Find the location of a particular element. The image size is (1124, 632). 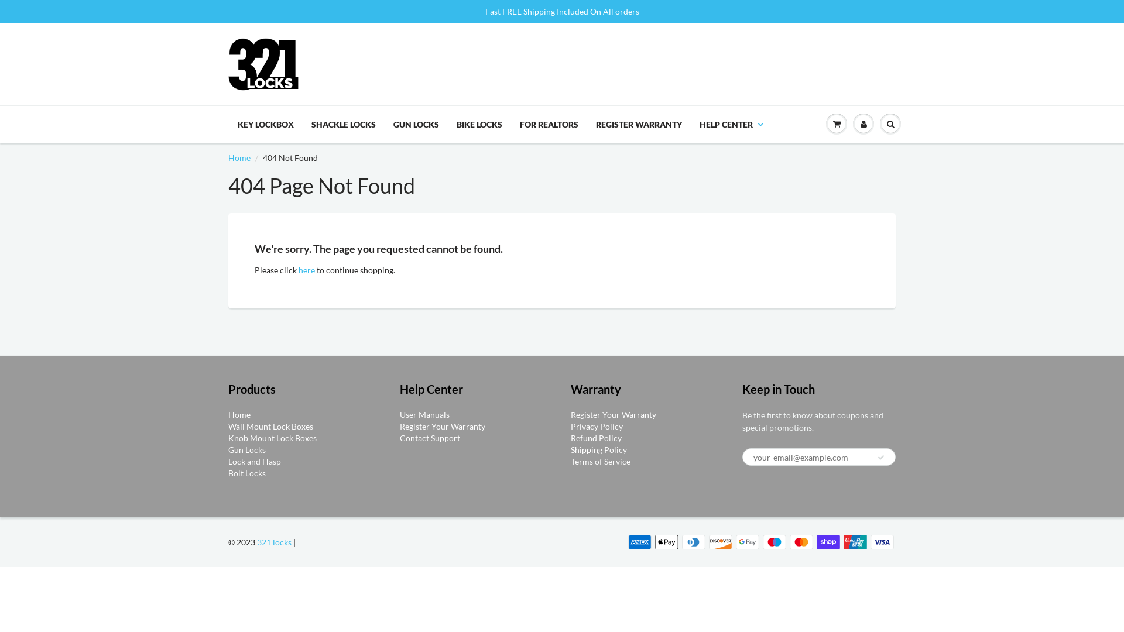

'User Manuals' is located at coordinates (423, 414).